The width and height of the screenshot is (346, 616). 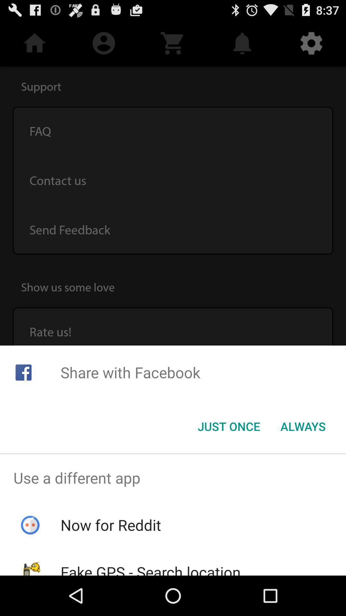 I want to click on now for reddit, so click(x=111, y=525).